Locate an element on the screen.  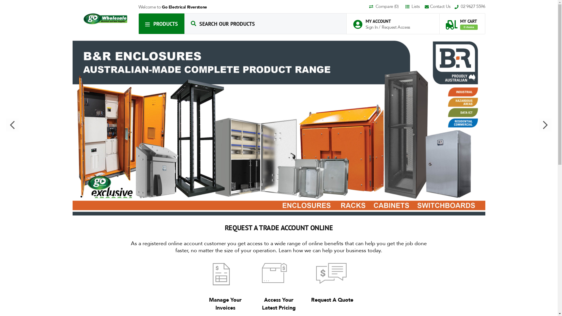
'Previous' is located at coordinates (6, 125).